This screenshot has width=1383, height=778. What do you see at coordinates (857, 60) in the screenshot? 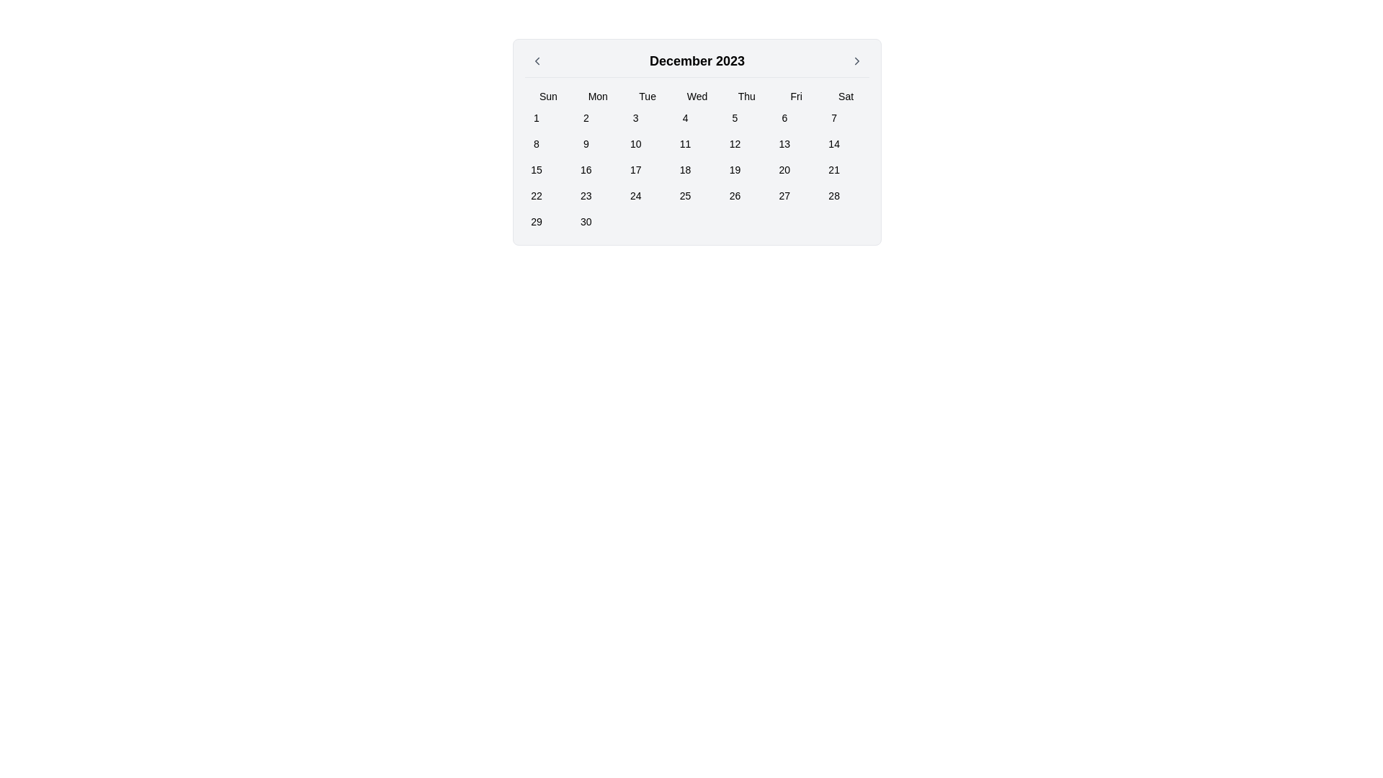
I see `the rightward-pointing chevron icon button located in the top-right area of the calendar display` at bounding box center [857, 60].